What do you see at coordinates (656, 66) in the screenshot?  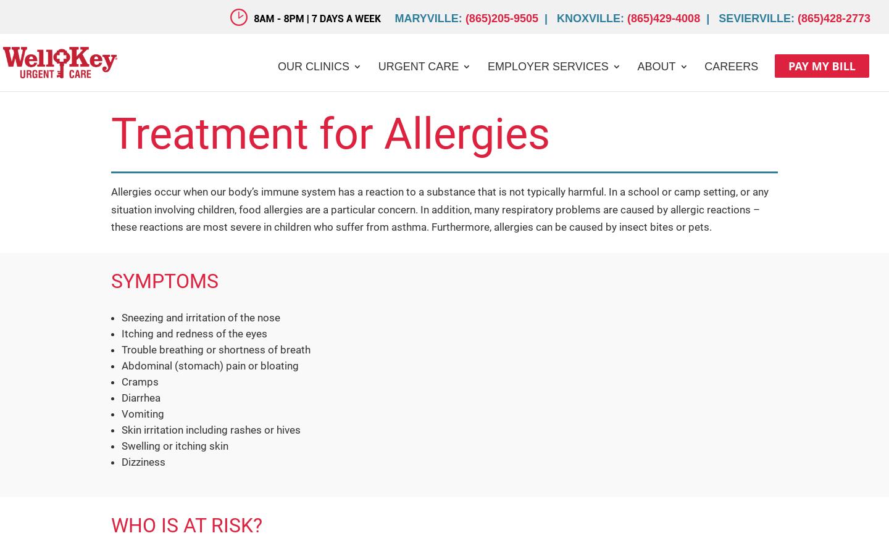 I see `'About'` at bounding box center [656, 66].